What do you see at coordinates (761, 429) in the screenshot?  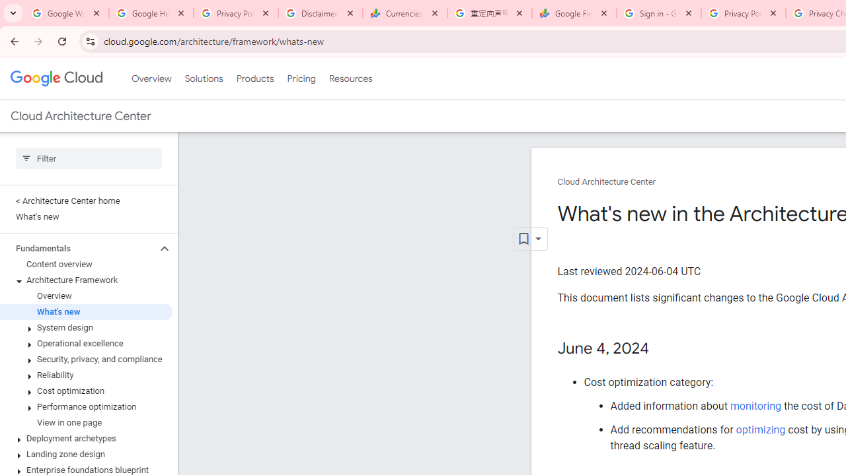 I see `'optimizing'` at bounding box center [761, 429].